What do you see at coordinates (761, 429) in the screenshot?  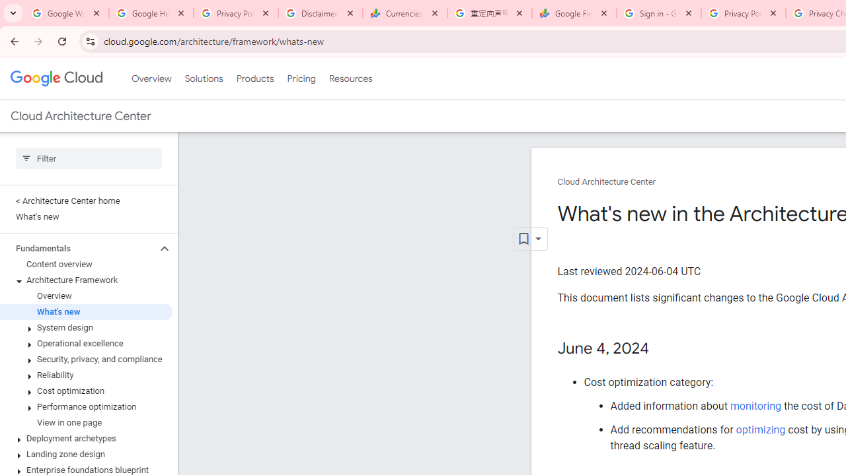 I see `'optimizing'` at bounding box center [761, 429].